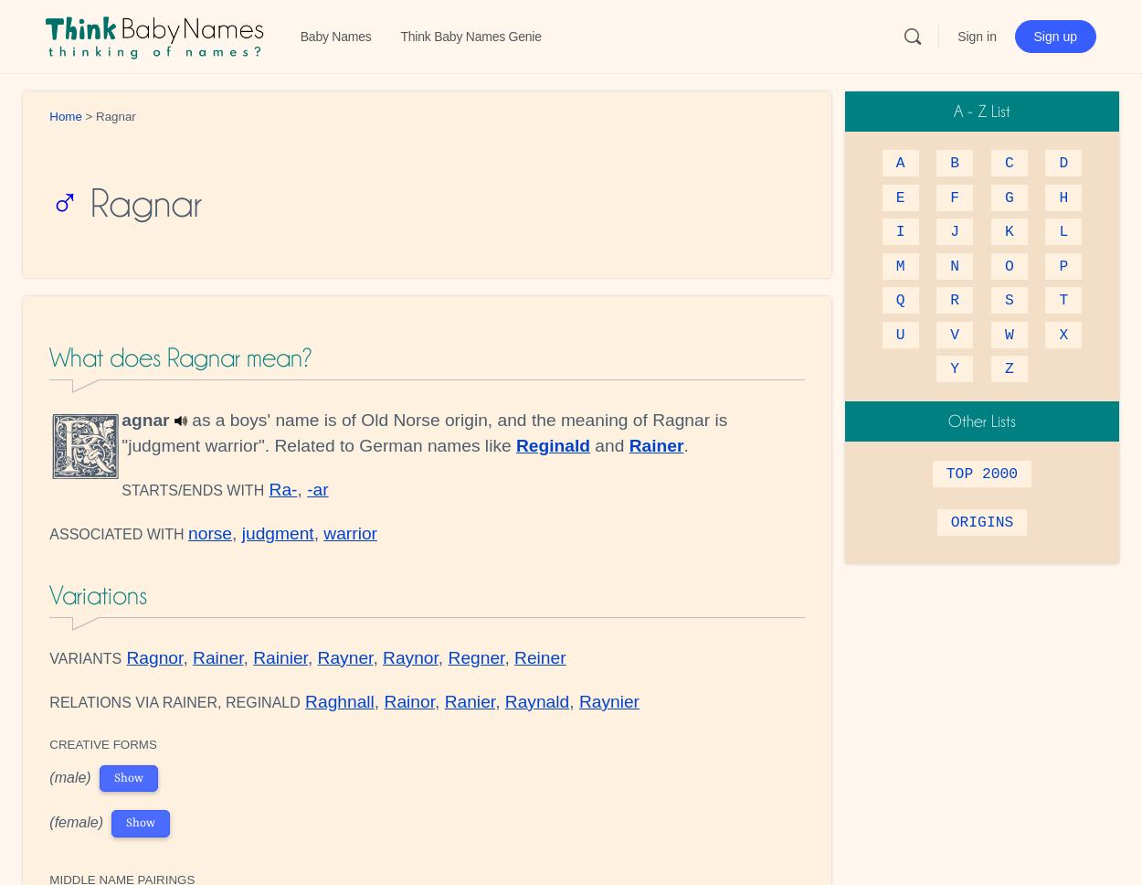 This screenshot has width=1142, height=885. I want to click on 'C', so click(1008, 163).